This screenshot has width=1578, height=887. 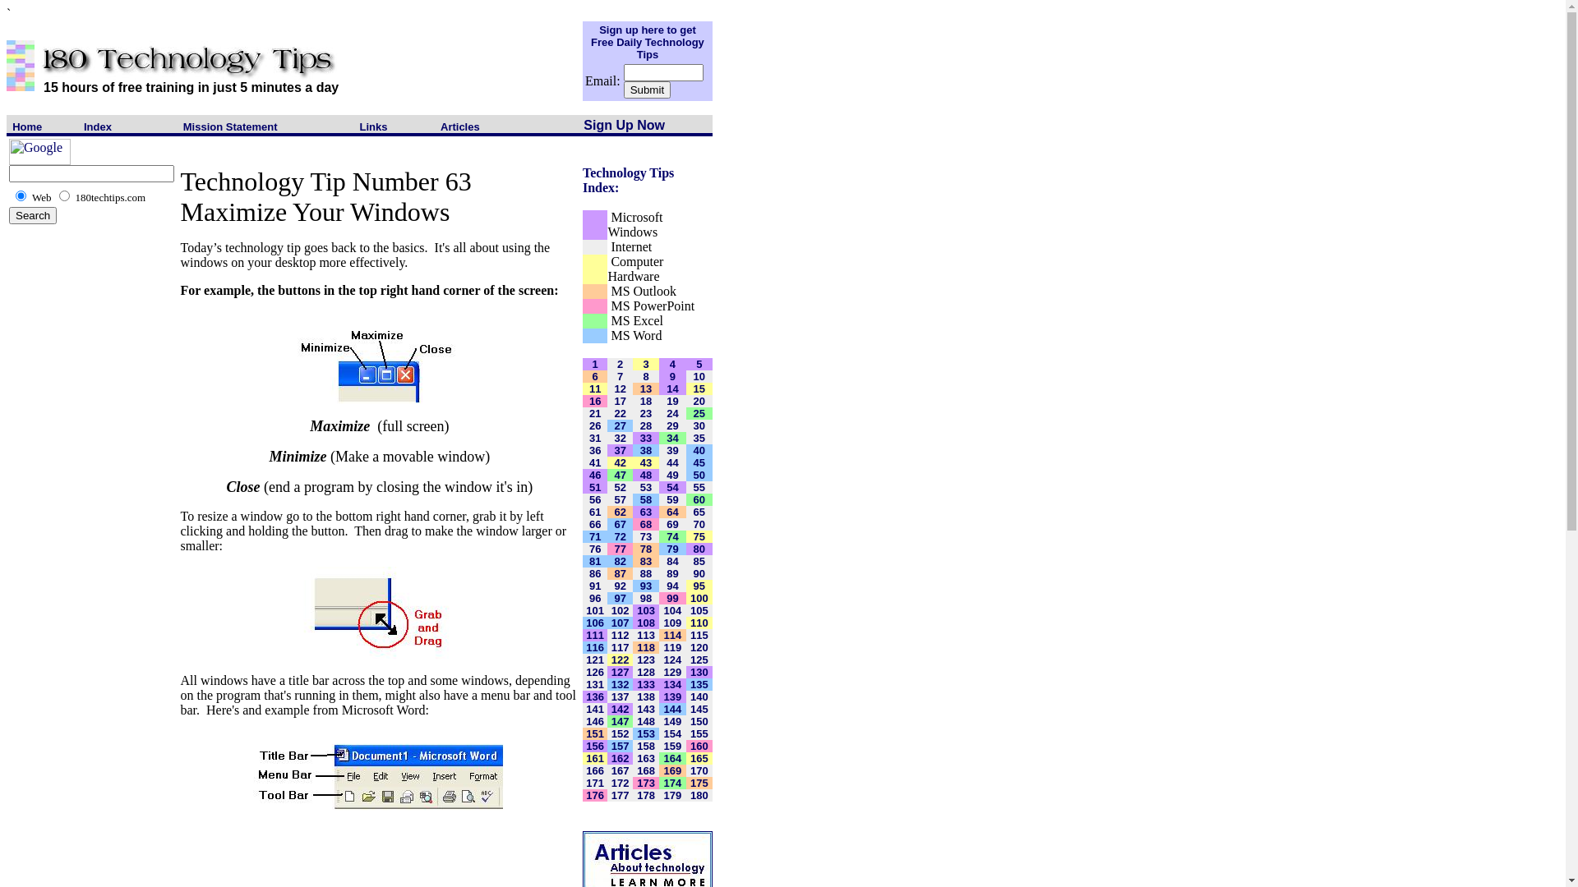 What do you see at coordinates (699, 560) in the screenshot?
I see `'85'` at bounding box center [699, 560].